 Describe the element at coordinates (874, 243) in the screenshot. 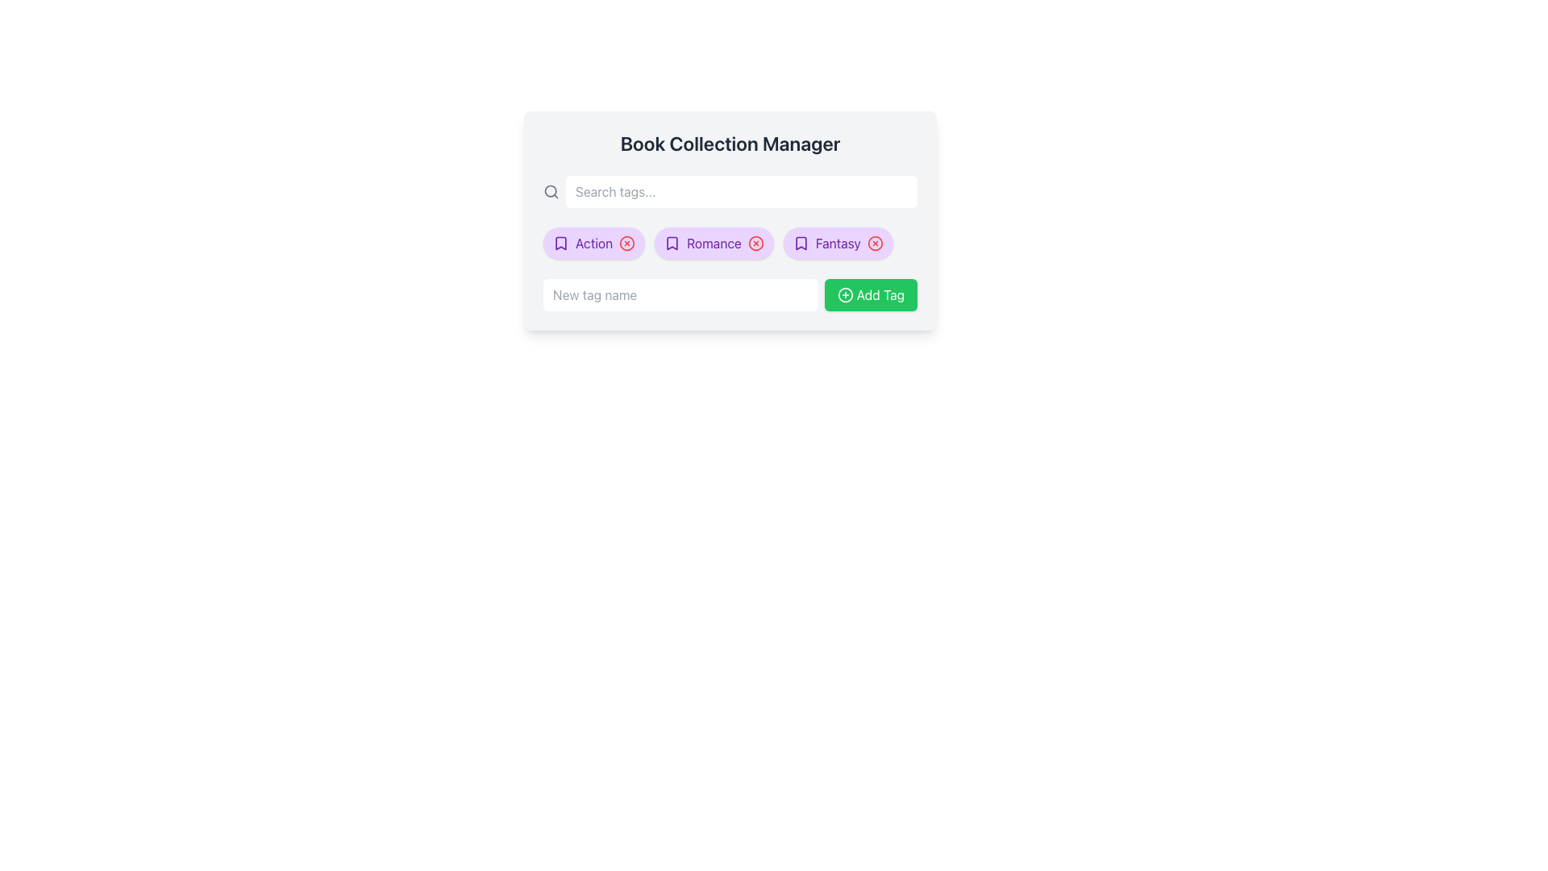

I see `the delete control represented by a red-cross icon located to the right of the 'Fantasy' tag` at that location.